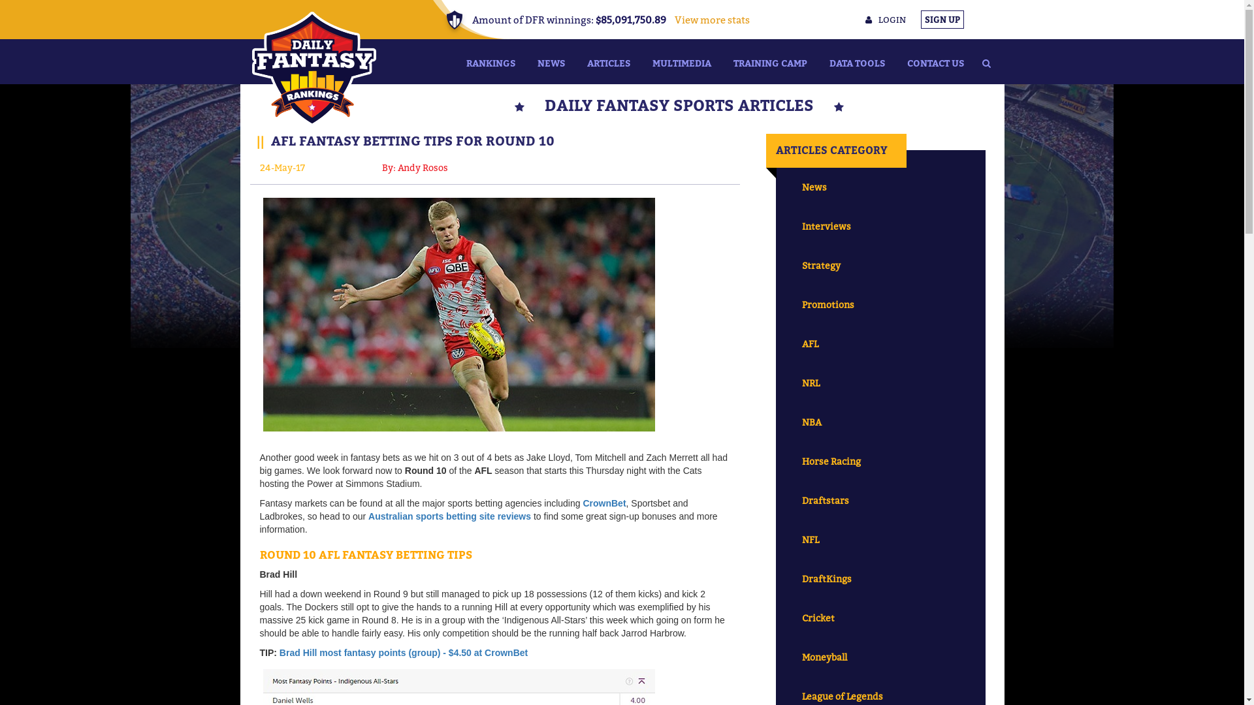 Image resolution: width=1254 pixels, height=705 pixels. What do you see at coordinates (942, 20) in the screenshot?
I see `'SIGN UP'` at bounding box center [942, 20].